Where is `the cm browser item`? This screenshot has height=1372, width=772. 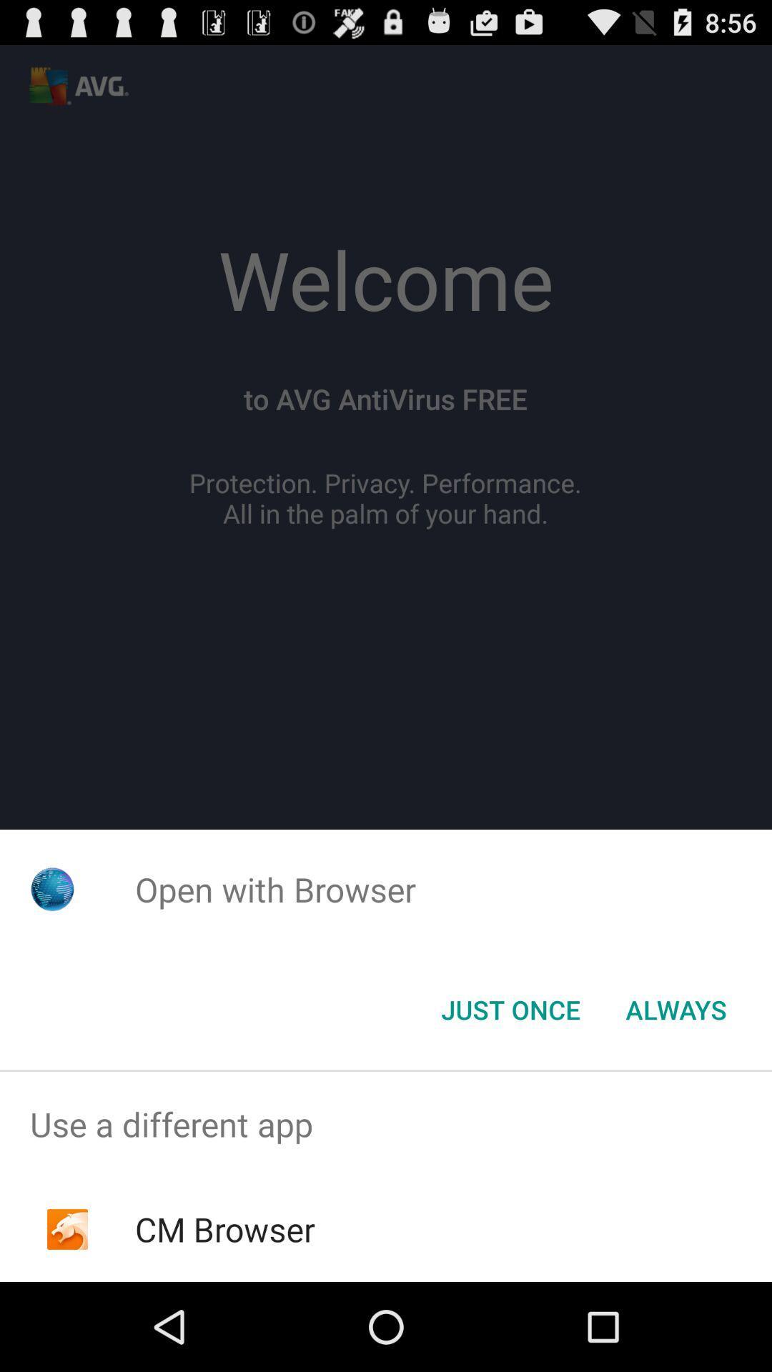 the cm browser item is located at coordinates (225, 1228).